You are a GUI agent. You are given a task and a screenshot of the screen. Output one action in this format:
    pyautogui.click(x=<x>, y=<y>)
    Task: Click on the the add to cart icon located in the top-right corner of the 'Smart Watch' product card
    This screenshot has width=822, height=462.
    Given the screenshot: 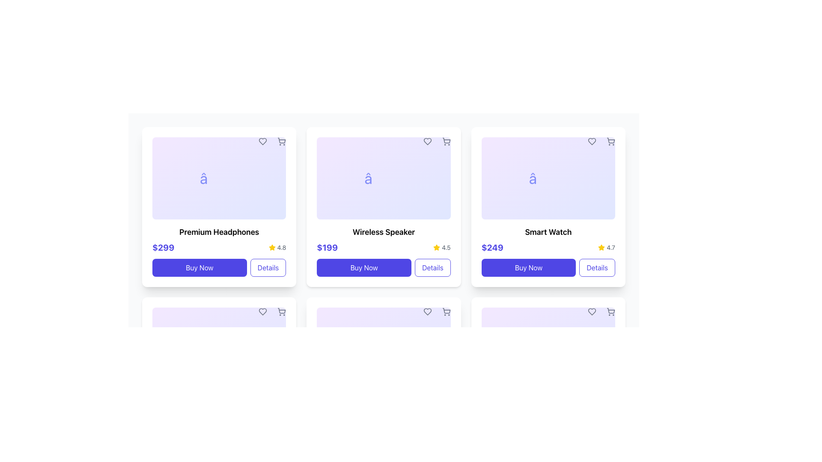 What is the action you would take?
    pyautogui.click(x=611, y=140)
    